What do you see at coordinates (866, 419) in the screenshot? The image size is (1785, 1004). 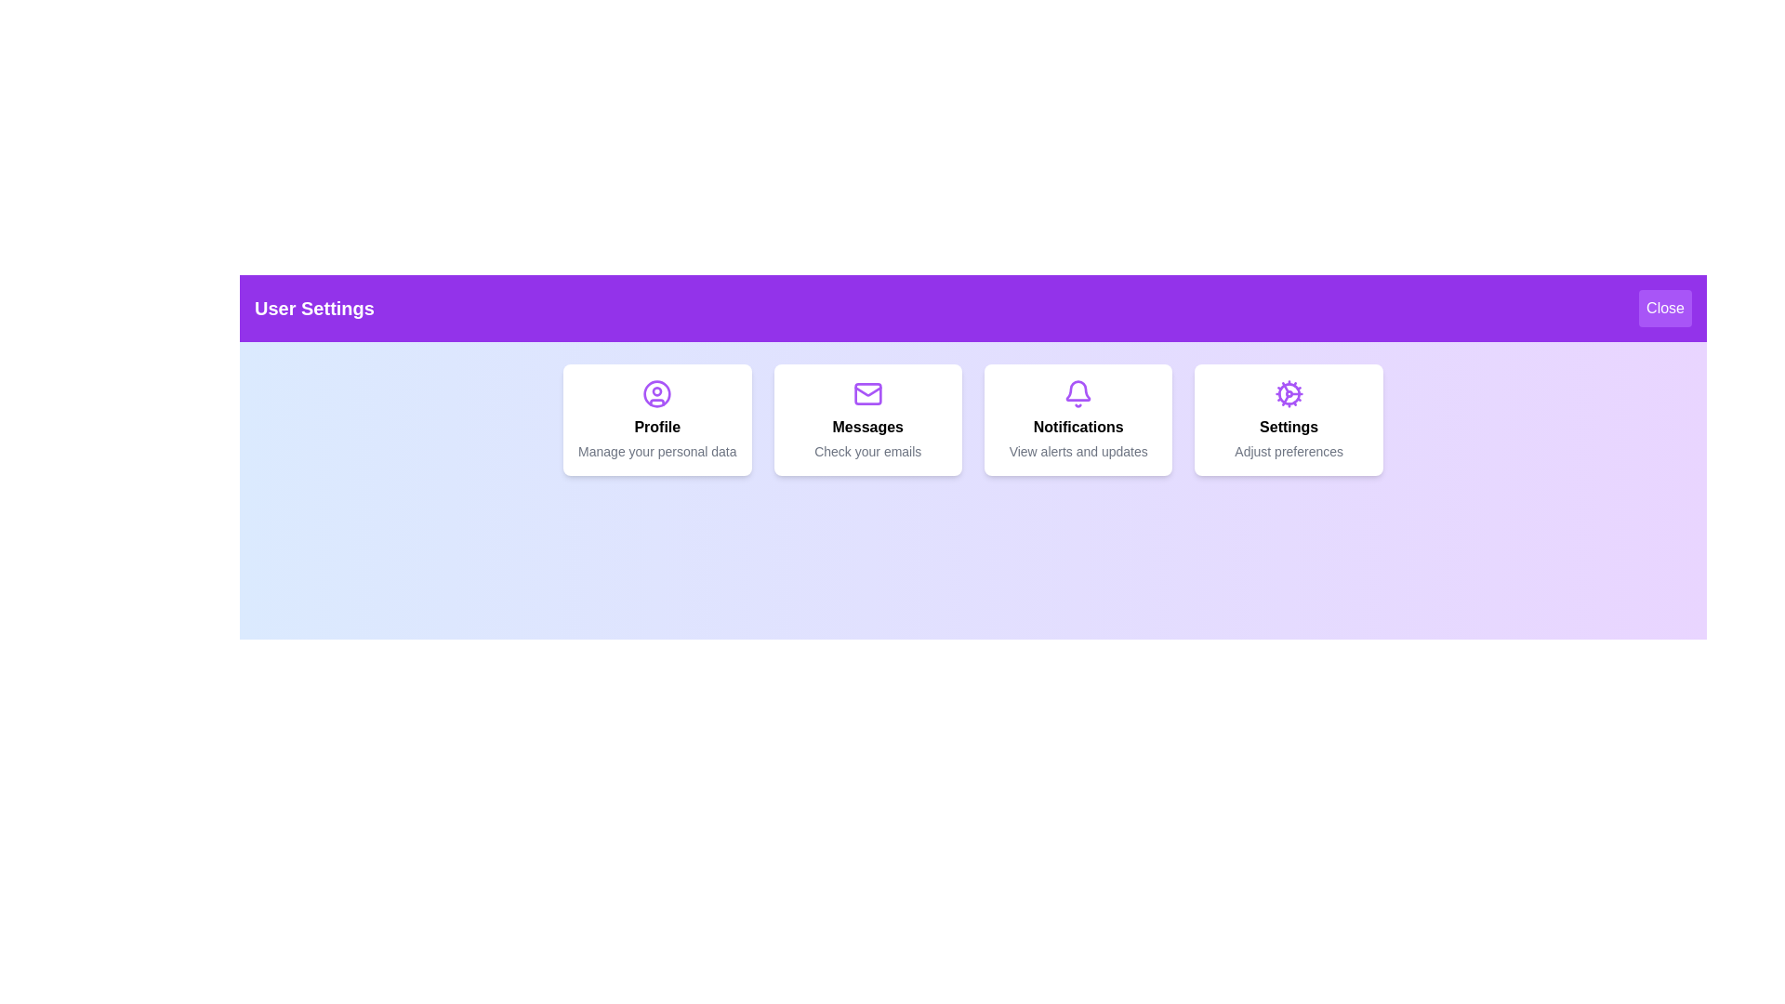 I see `the Messages menu item to navigate to the respective section` at bounding box center [866, 419].